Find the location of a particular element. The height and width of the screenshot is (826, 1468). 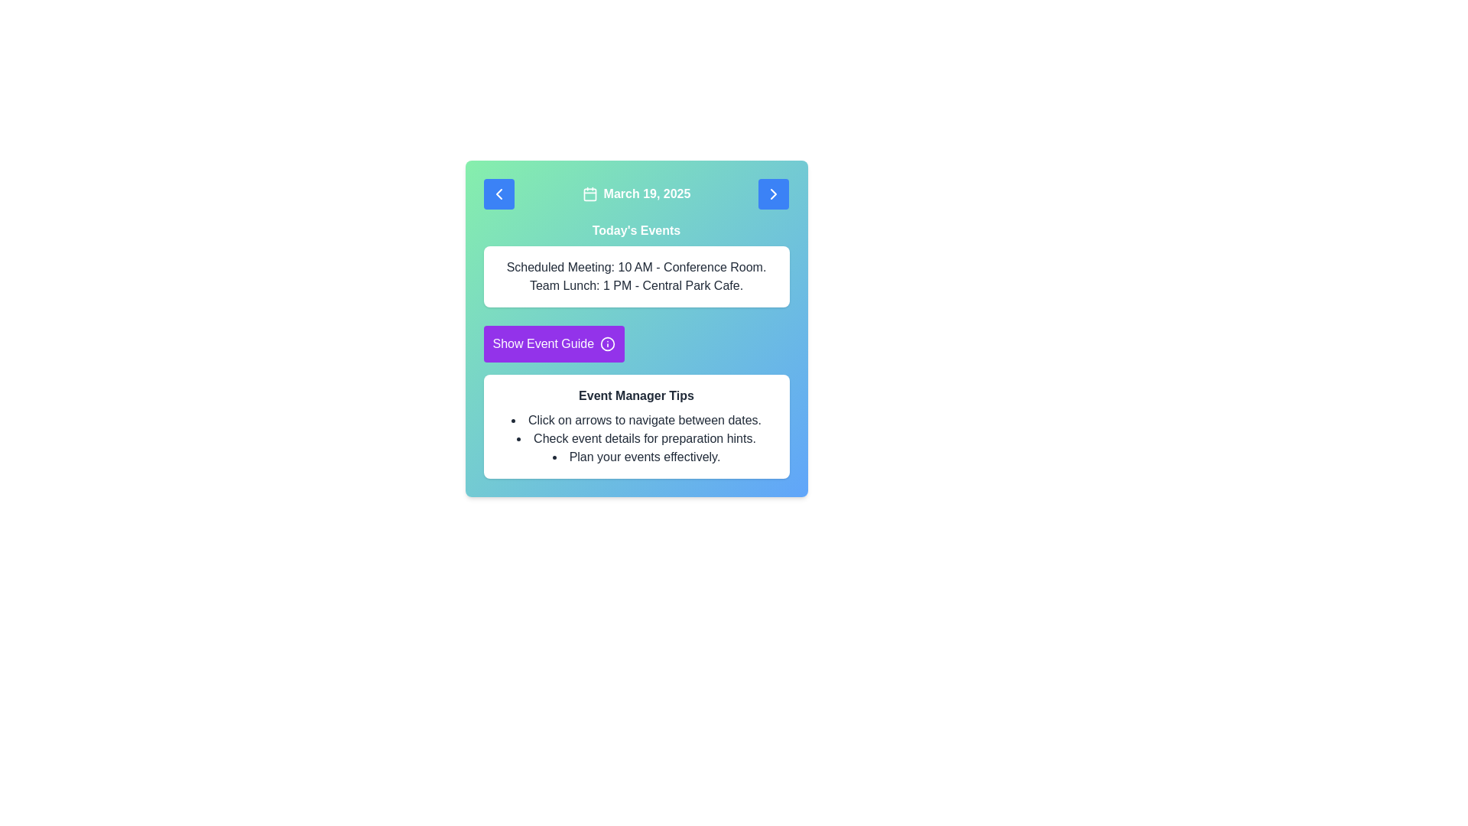

the header text label for the events section, which is positioned below the date display and above the detailed schedule list is located at coordinates (636, 230).